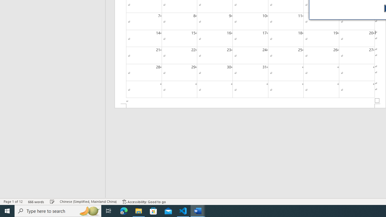 Image resolution: width=386 pixels, height=217 pixels. Describe the element at coordinates (198, 210) in the screenshot. I see `'Word - 2 running windows'` at that location.